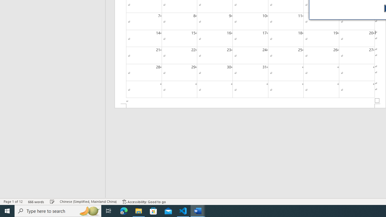 Image resolution: width=386 pixels, height=217 pixels. Describe the element at coordinates (198, 210) in the screenshot. I see `'Word - 2 running windows'` at that location.